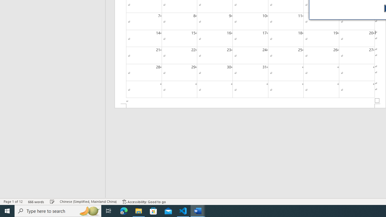 Image resolution: width=386 pixels, height=217 pixels. Describe the element at coordinates (198, 210) in the screenshot. I see `'Word - 2 running windows'` at that location.